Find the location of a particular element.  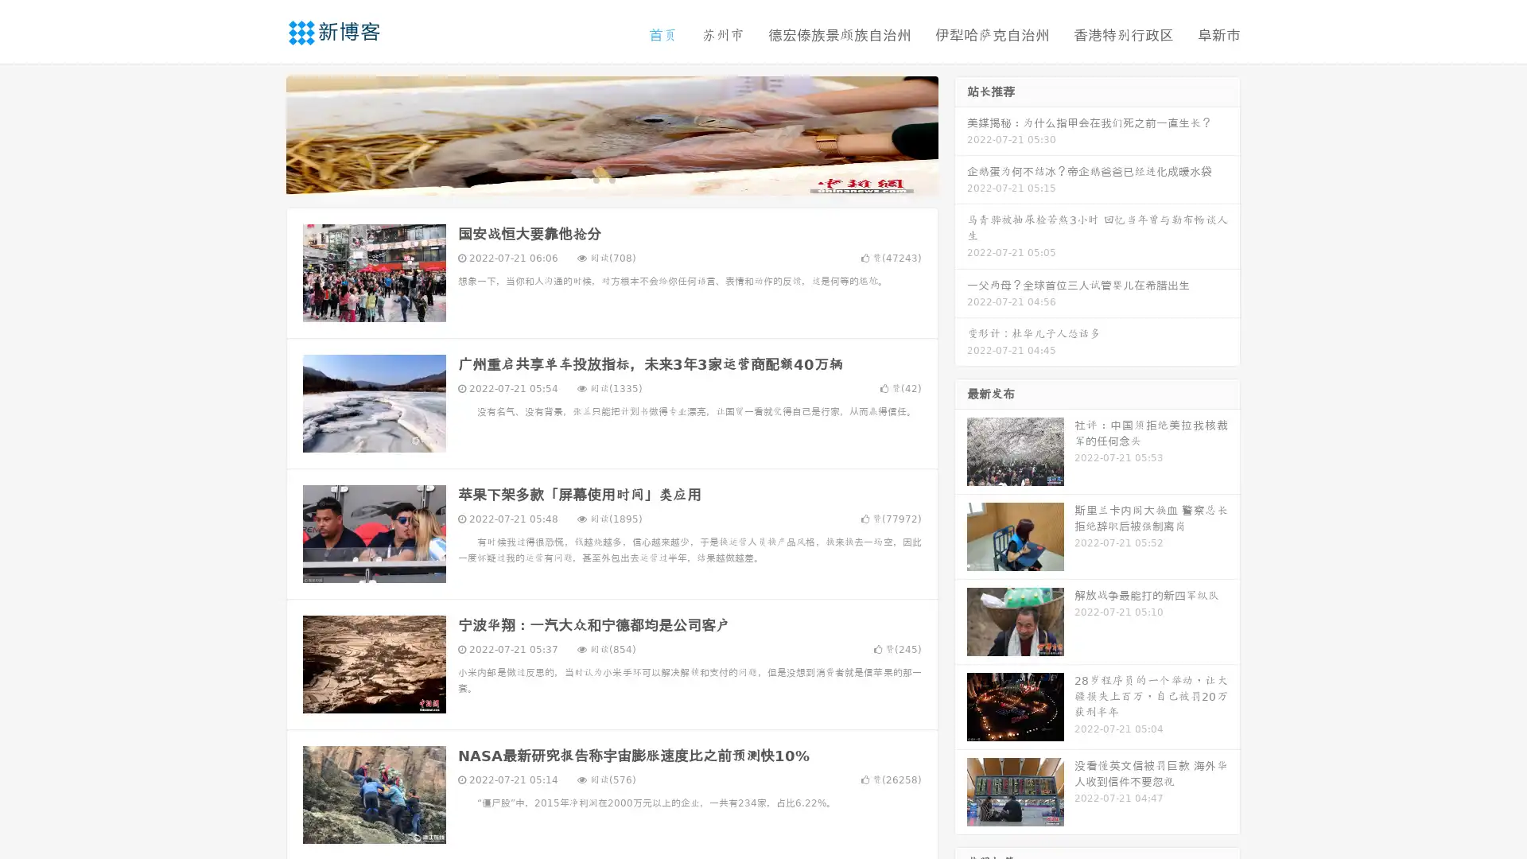

Next slide is located at coordinates (961, 134).